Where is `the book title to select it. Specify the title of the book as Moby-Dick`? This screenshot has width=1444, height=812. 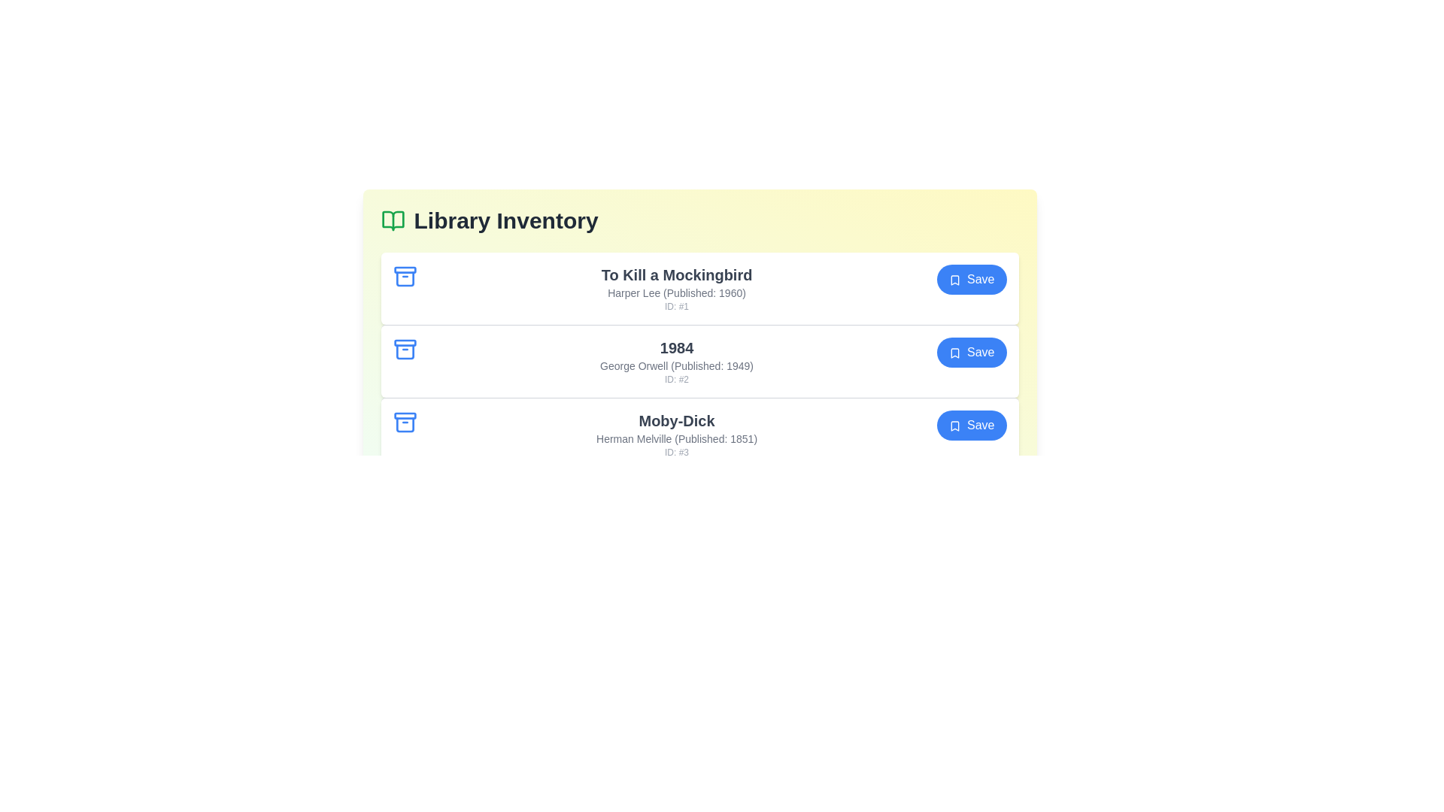
the book title to select it. Specify the title of the book as Moby-Dick is located at coordinates (676, 420).